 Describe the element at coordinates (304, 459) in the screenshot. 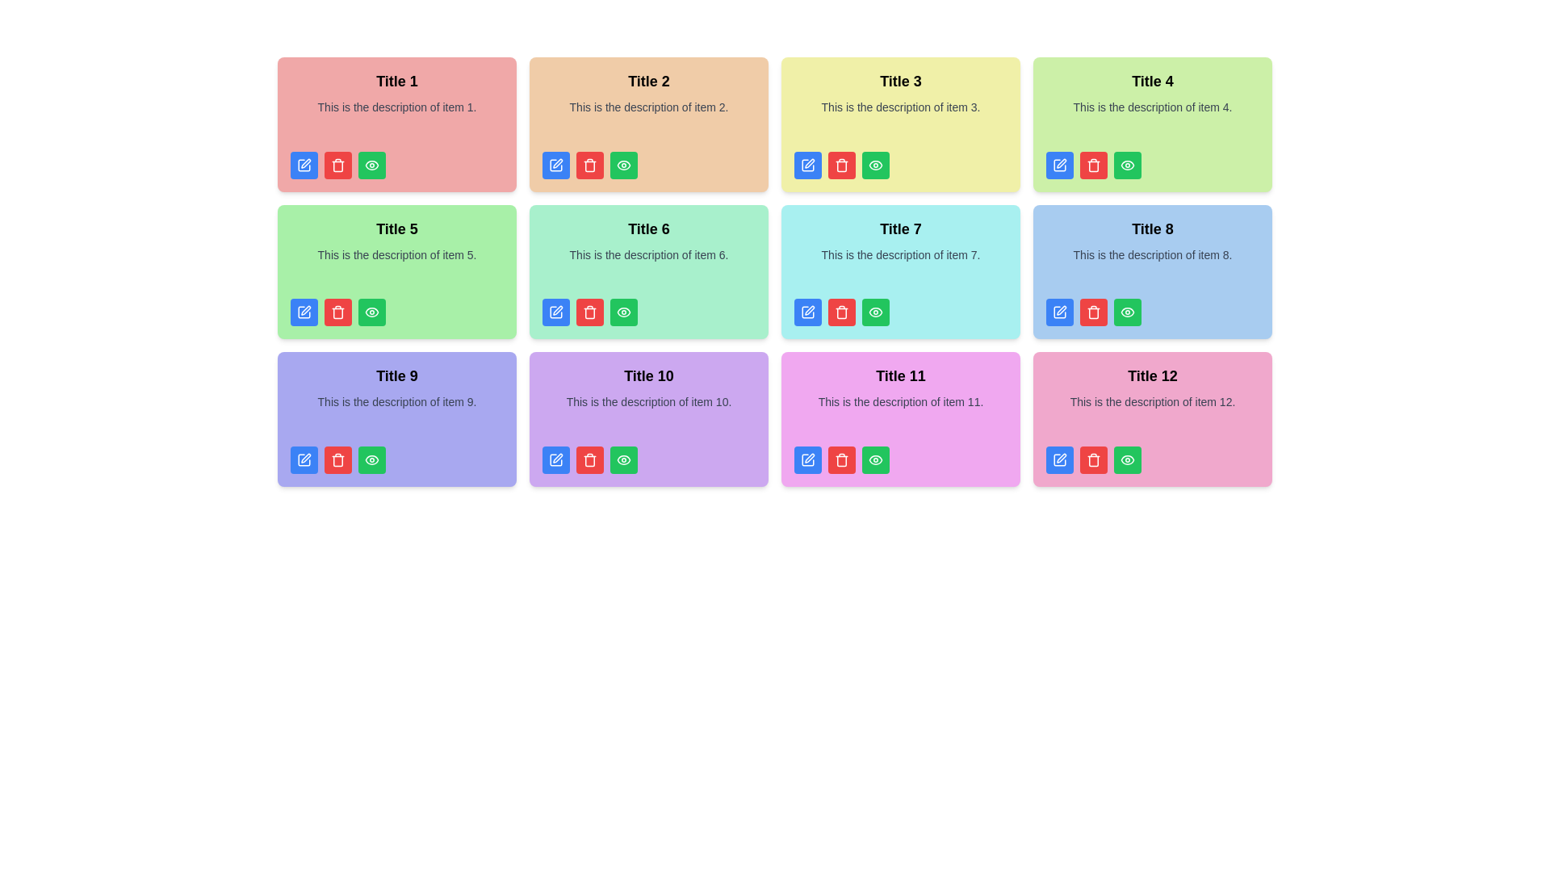

I see `the 'edit' button located in the bottom-left corner of the card associated with 'Title 9' to modify the content of the respective card` at that location.